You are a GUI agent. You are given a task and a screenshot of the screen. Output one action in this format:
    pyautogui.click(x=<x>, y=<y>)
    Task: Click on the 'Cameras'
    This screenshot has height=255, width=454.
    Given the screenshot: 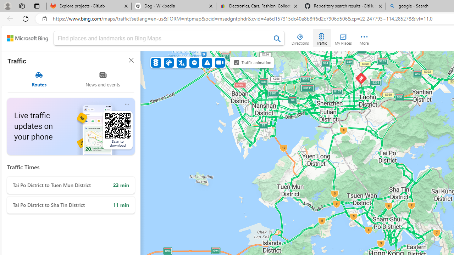 What is the action you would take?
    pyautogui.click(x=219, y=62)
    